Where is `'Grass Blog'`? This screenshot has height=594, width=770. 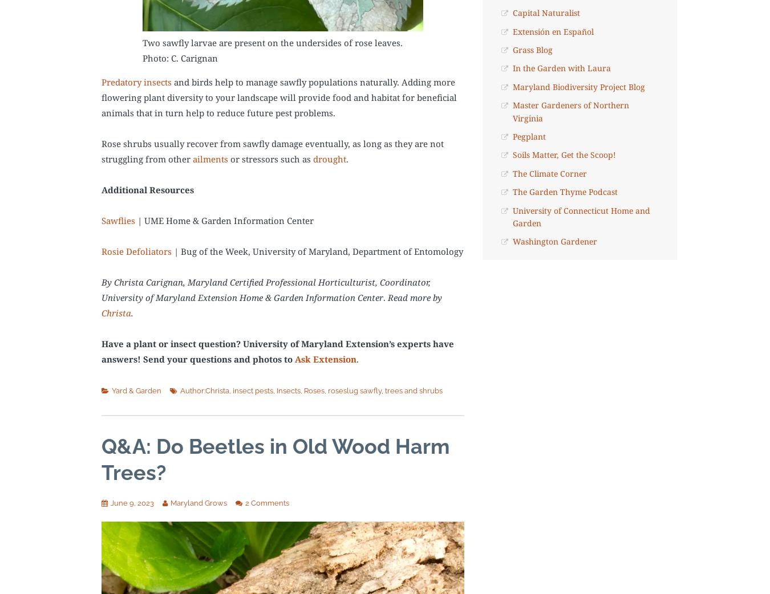
'Grass Blog' is located at coordinates (531, 49).